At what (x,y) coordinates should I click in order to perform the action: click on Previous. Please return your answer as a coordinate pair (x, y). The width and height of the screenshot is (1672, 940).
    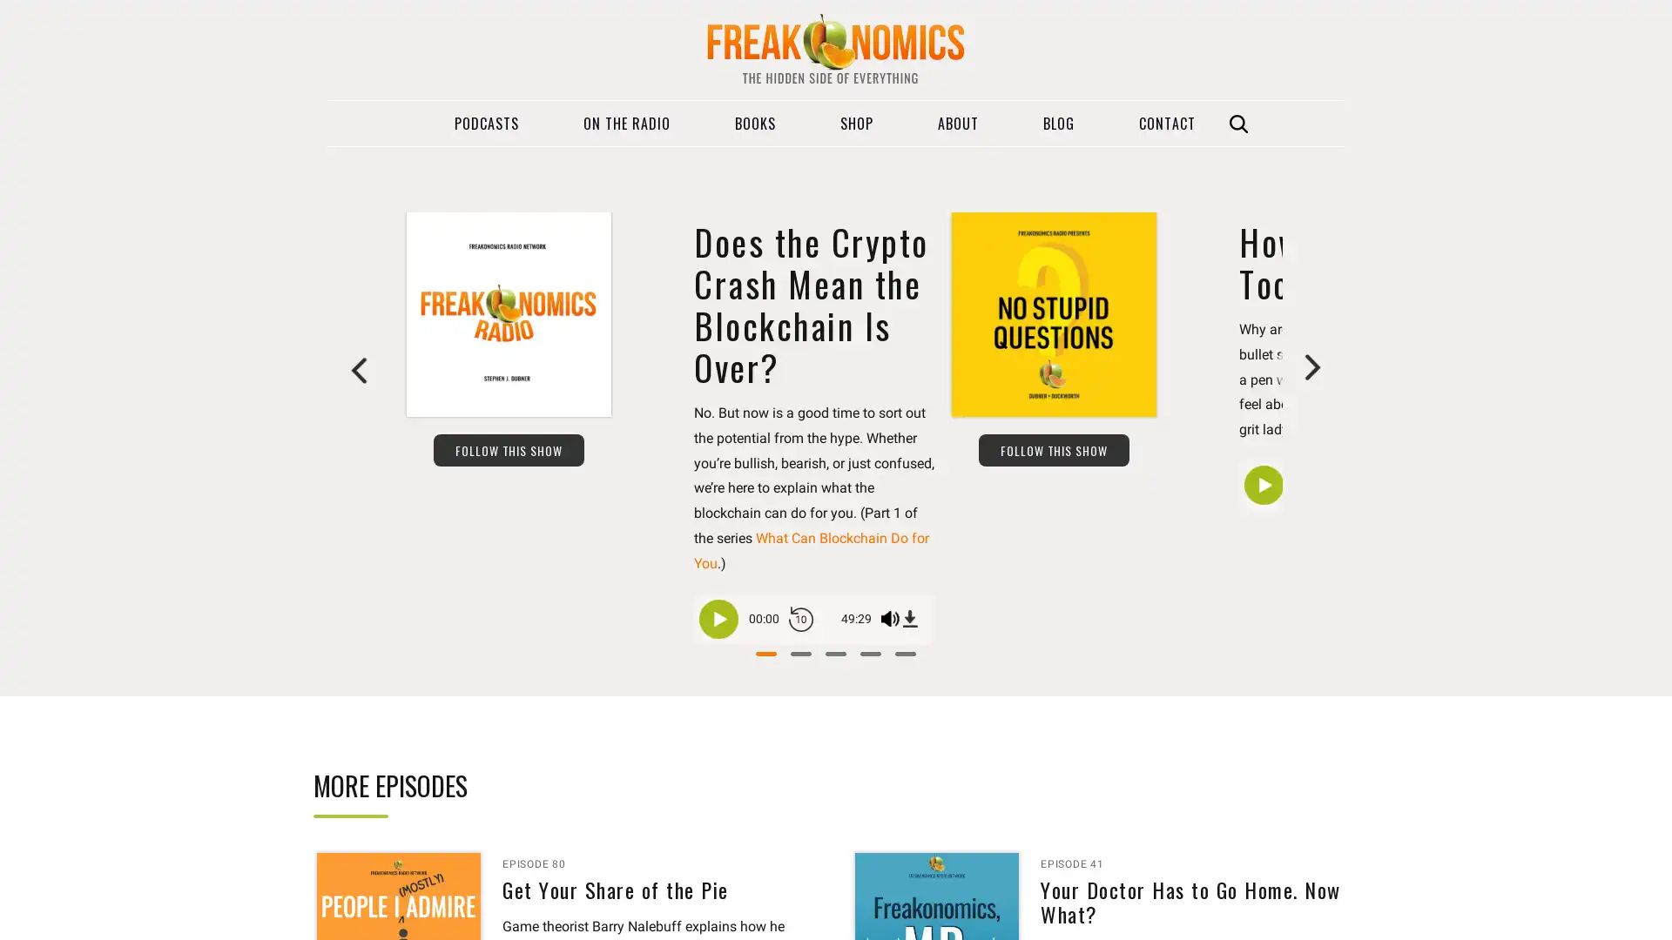
    Looking at the image, I should click on (359, 368).